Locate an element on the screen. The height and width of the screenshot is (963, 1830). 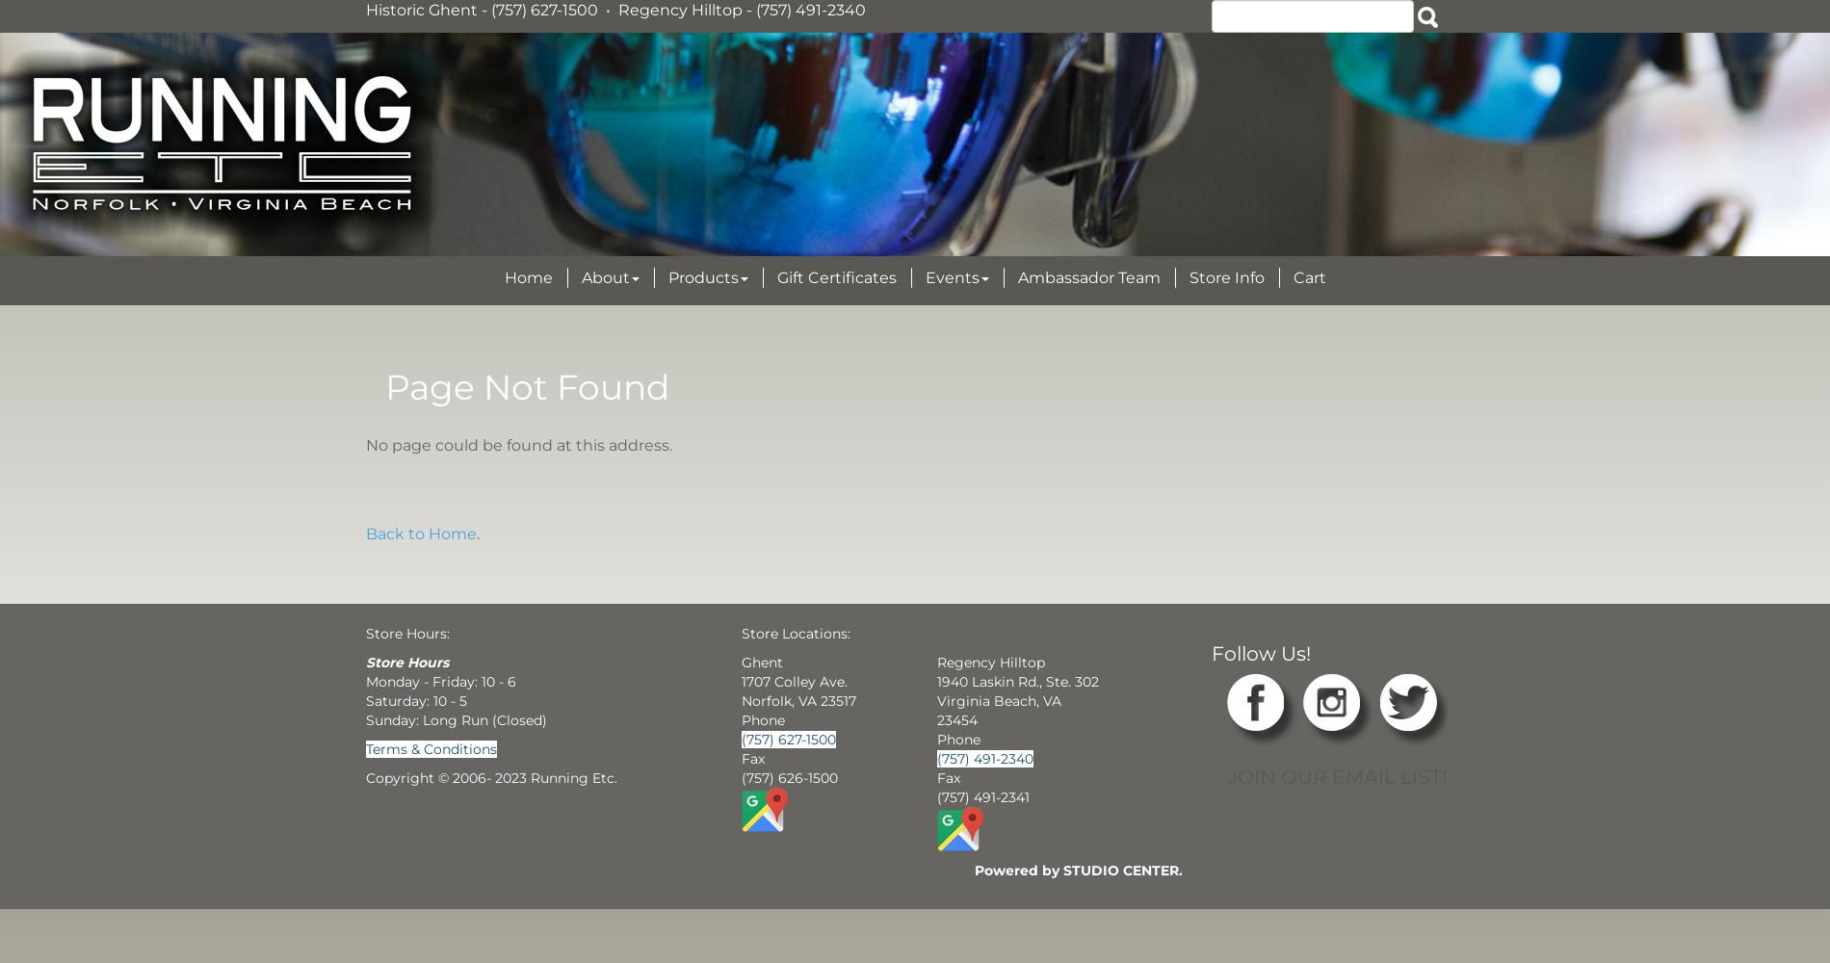
'STUDIO CENTER' is located at coordinates (1119, 870).